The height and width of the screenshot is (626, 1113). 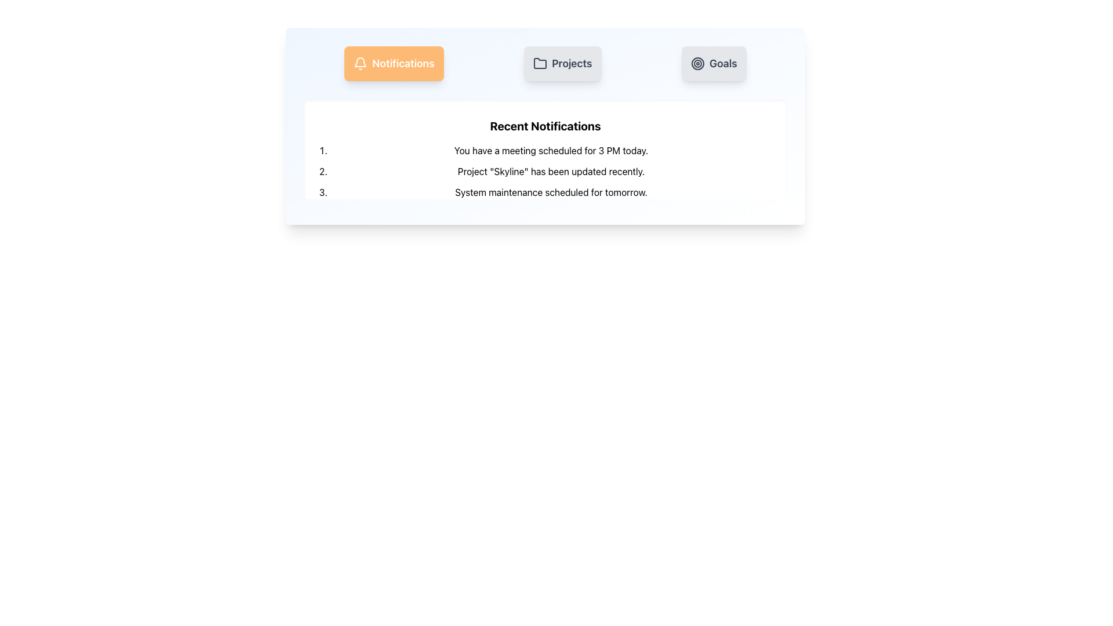 What do you see at coordinates (713, 64) in the screenshot?
I see `the 'Goals' button, which is a rectangular button with rounded corners and a light gray background` at bounding box center [713, 64].